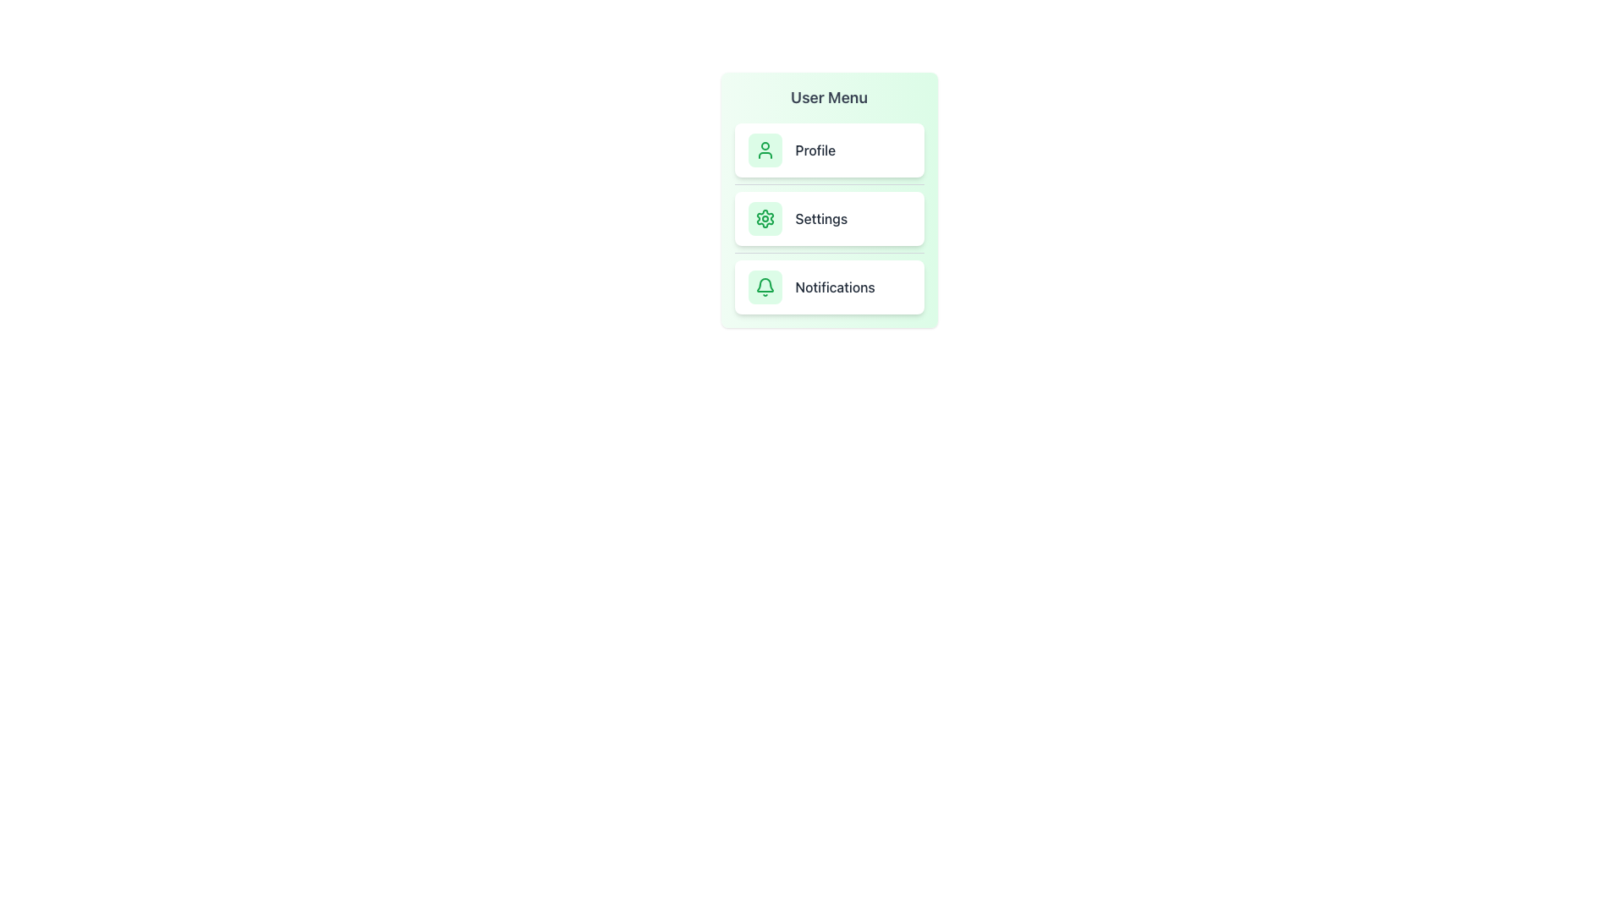  I want to click on the 'Settings' button in the 'User Menu' card, so click(829, 217).